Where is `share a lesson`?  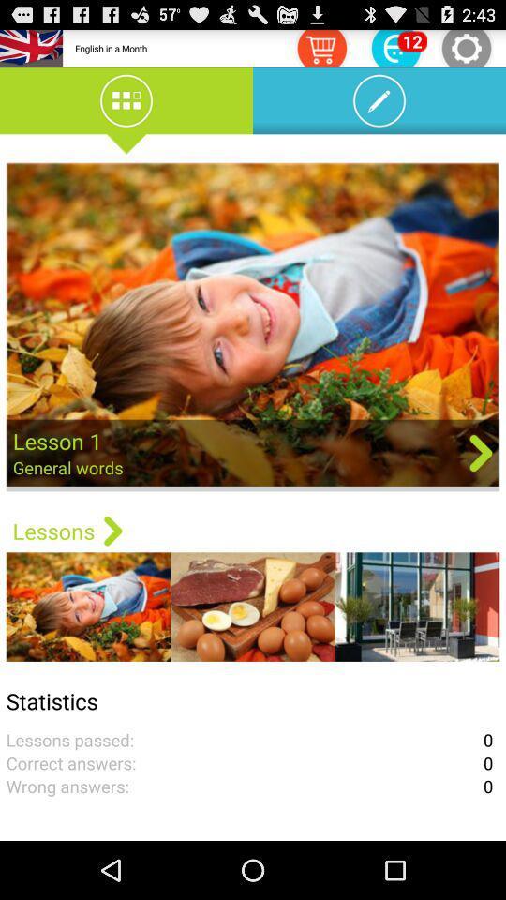
share a lesson is located at coordinates (253, 326).